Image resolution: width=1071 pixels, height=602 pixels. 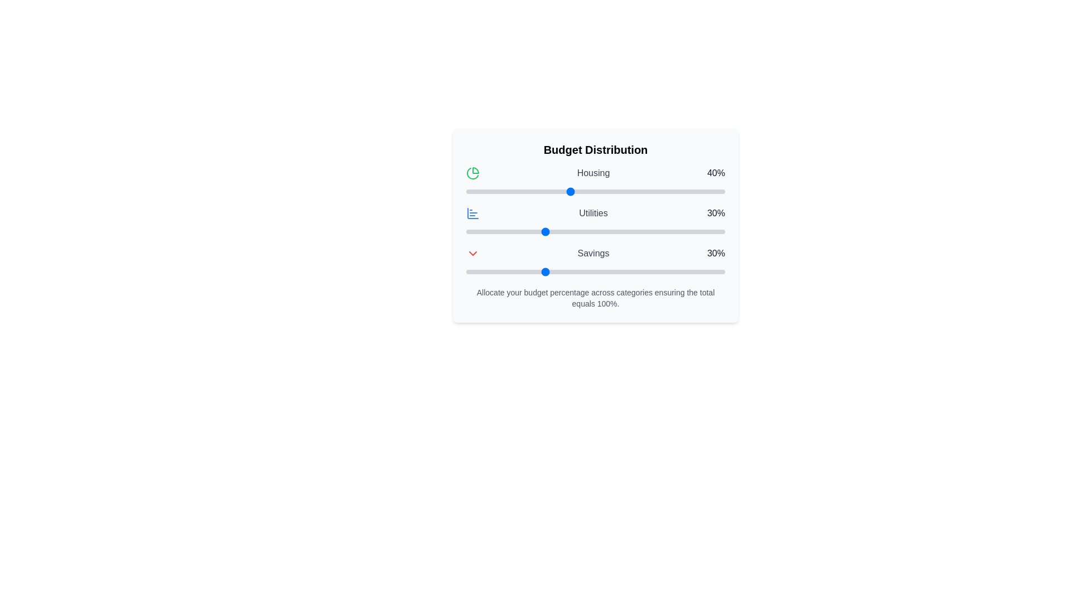 I want to click on the slider value, so click(x=616, y=231).